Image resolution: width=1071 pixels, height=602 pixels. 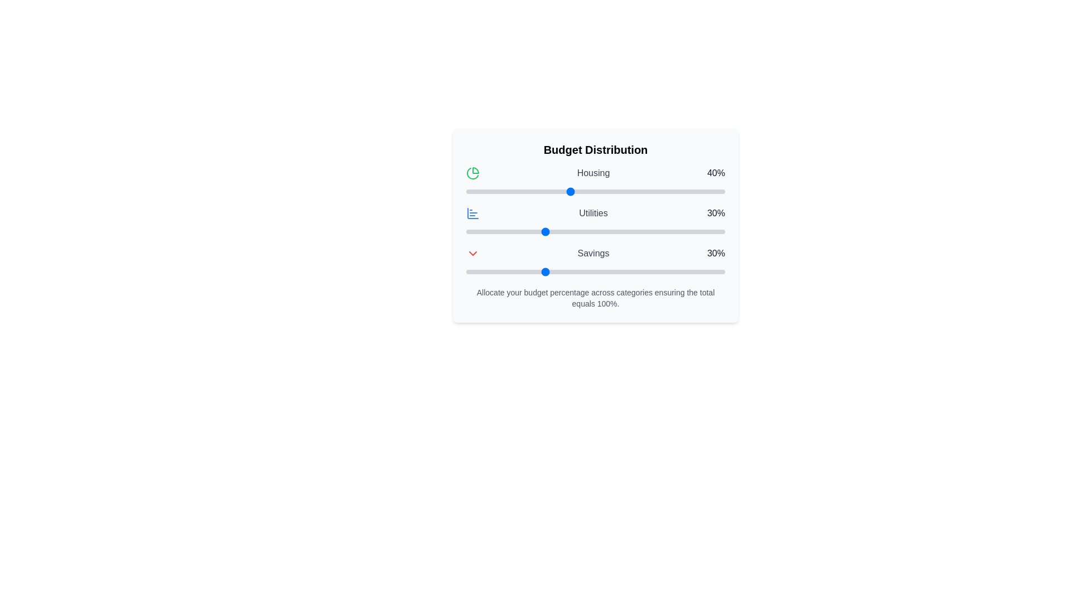 I want to click on the slider value, so click(x=616, y=231).